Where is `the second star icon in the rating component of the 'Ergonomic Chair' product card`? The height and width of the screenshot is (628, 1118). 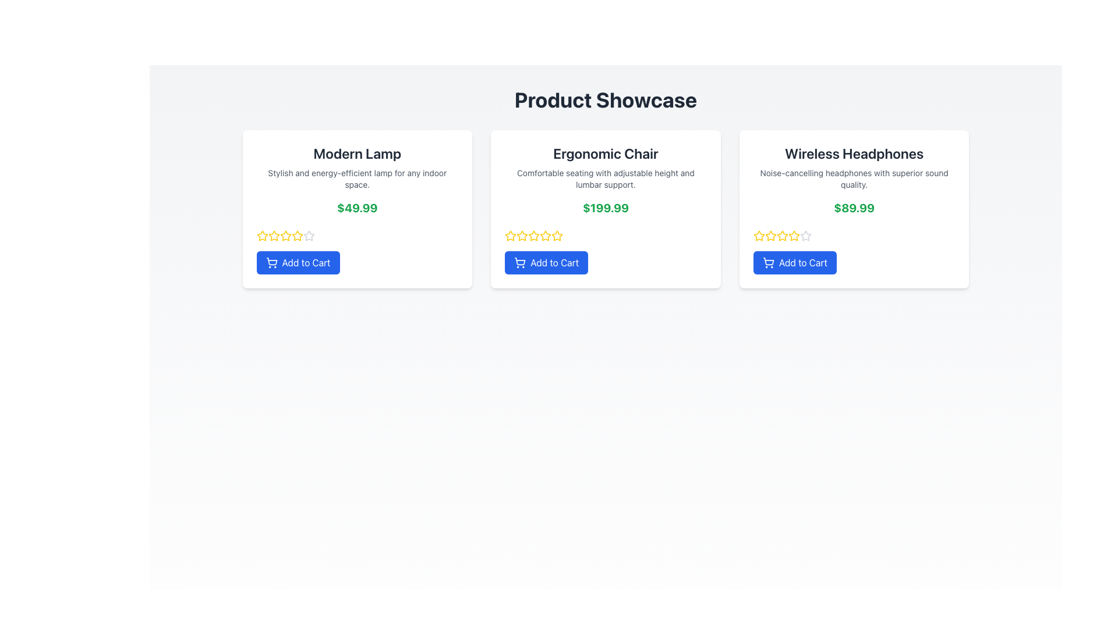 the second star icon in the rating component of the 'Ergonomic Chair' product card is located at coordinates (522, 235).